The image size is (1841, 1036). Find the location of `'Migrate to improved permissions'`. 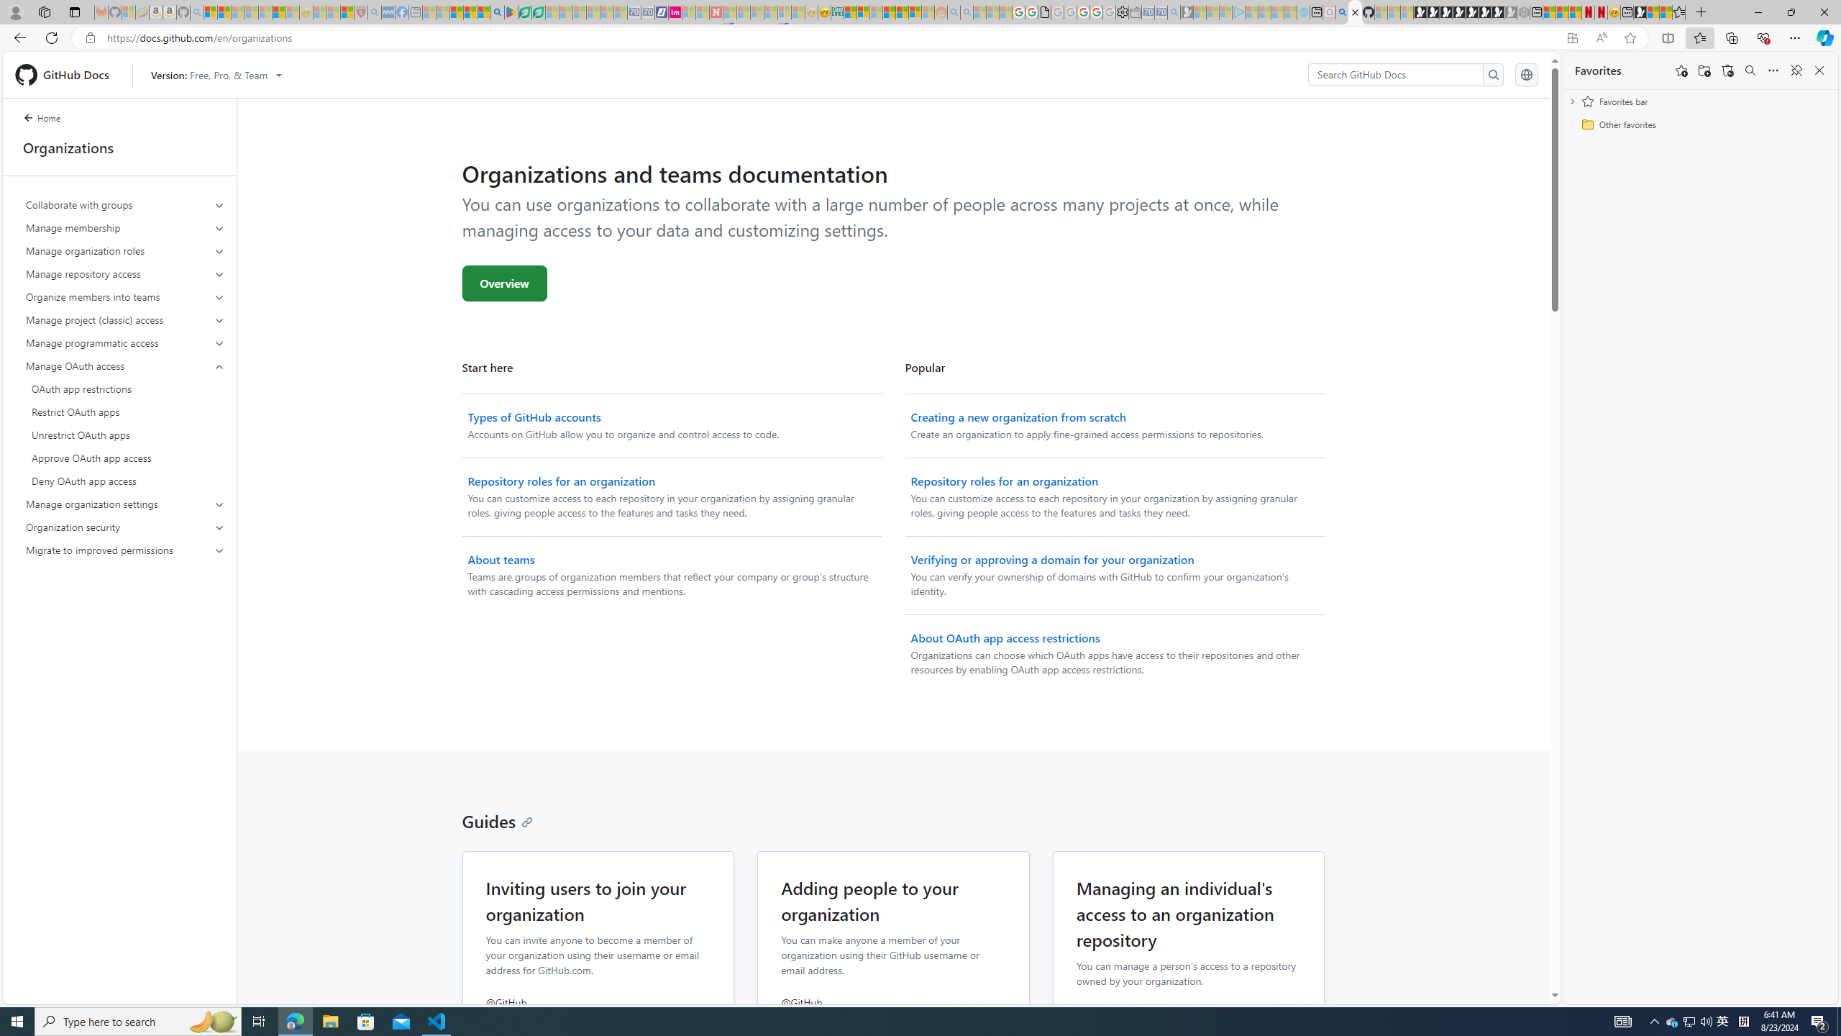

'Migrate to improved permissions' is located at coordinates (125, 549).